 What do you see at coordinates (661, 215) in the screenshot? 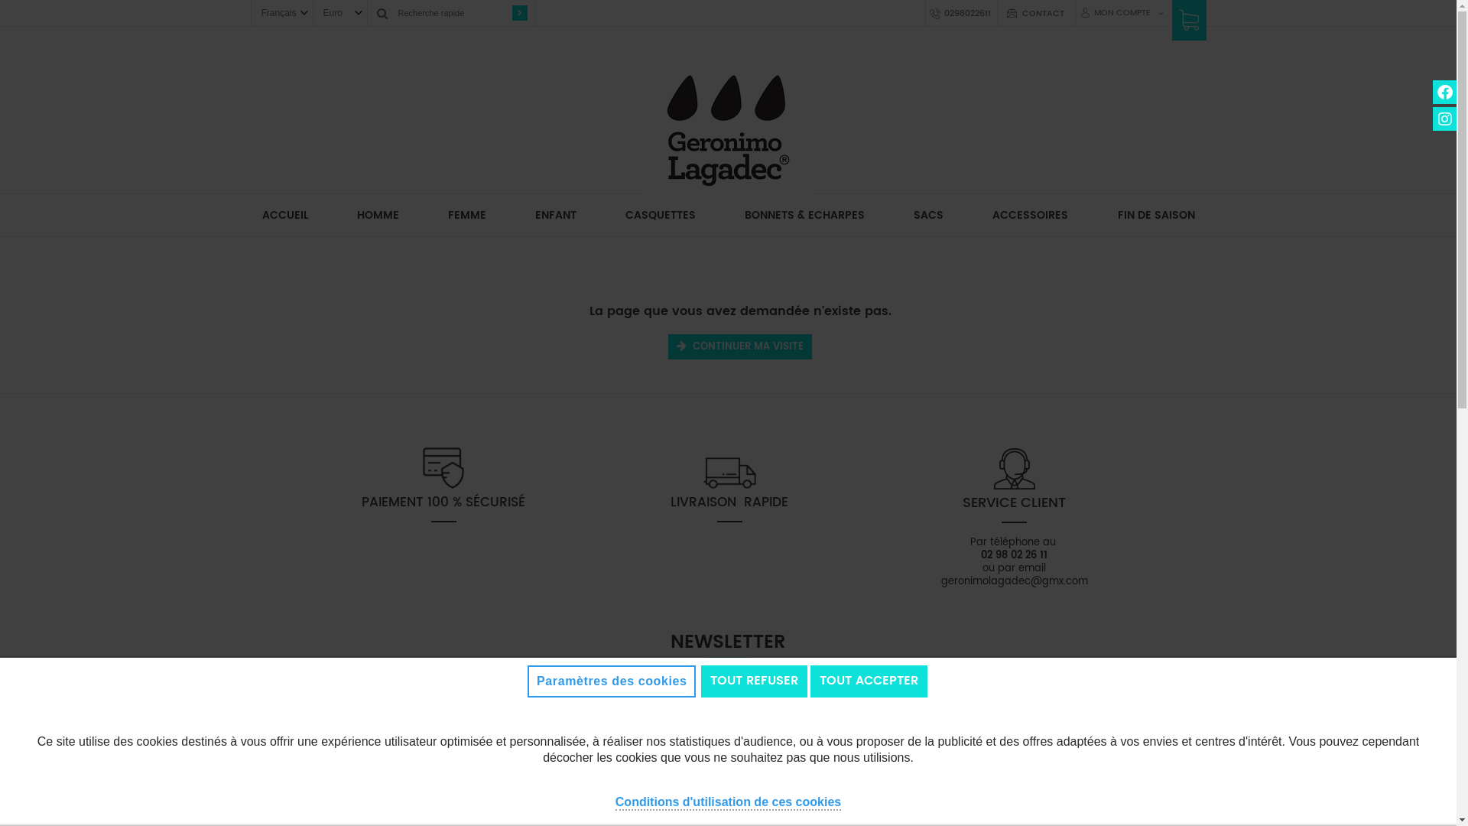
I see `'CASQUETTES'` at bounding box center [661, 215].